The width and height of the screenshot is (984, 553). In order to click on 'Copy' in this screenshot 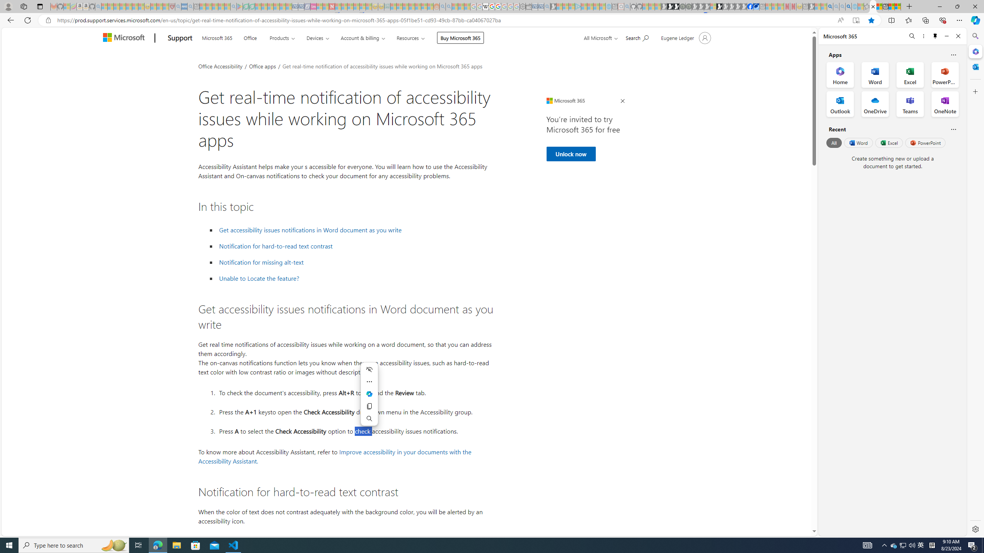, I will do `click(369, 406)`.